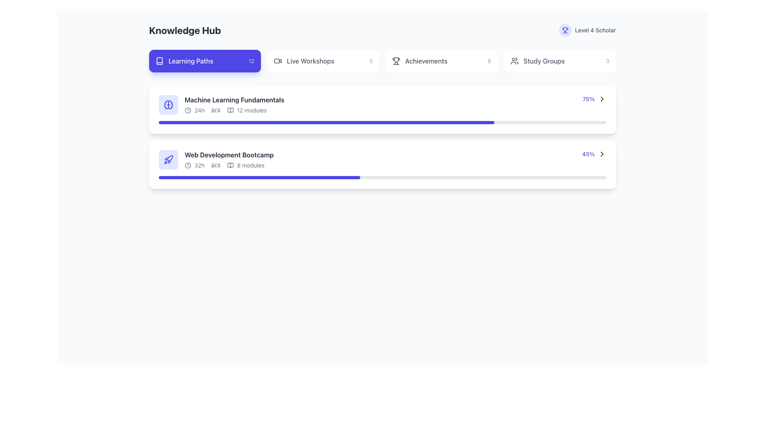  Describe the element at coordinates (602, 99) in the screenshot. I see `the chevron right icon, which is styled as a vector graphic and serves as a navigational hint located within the second list item` at that location.